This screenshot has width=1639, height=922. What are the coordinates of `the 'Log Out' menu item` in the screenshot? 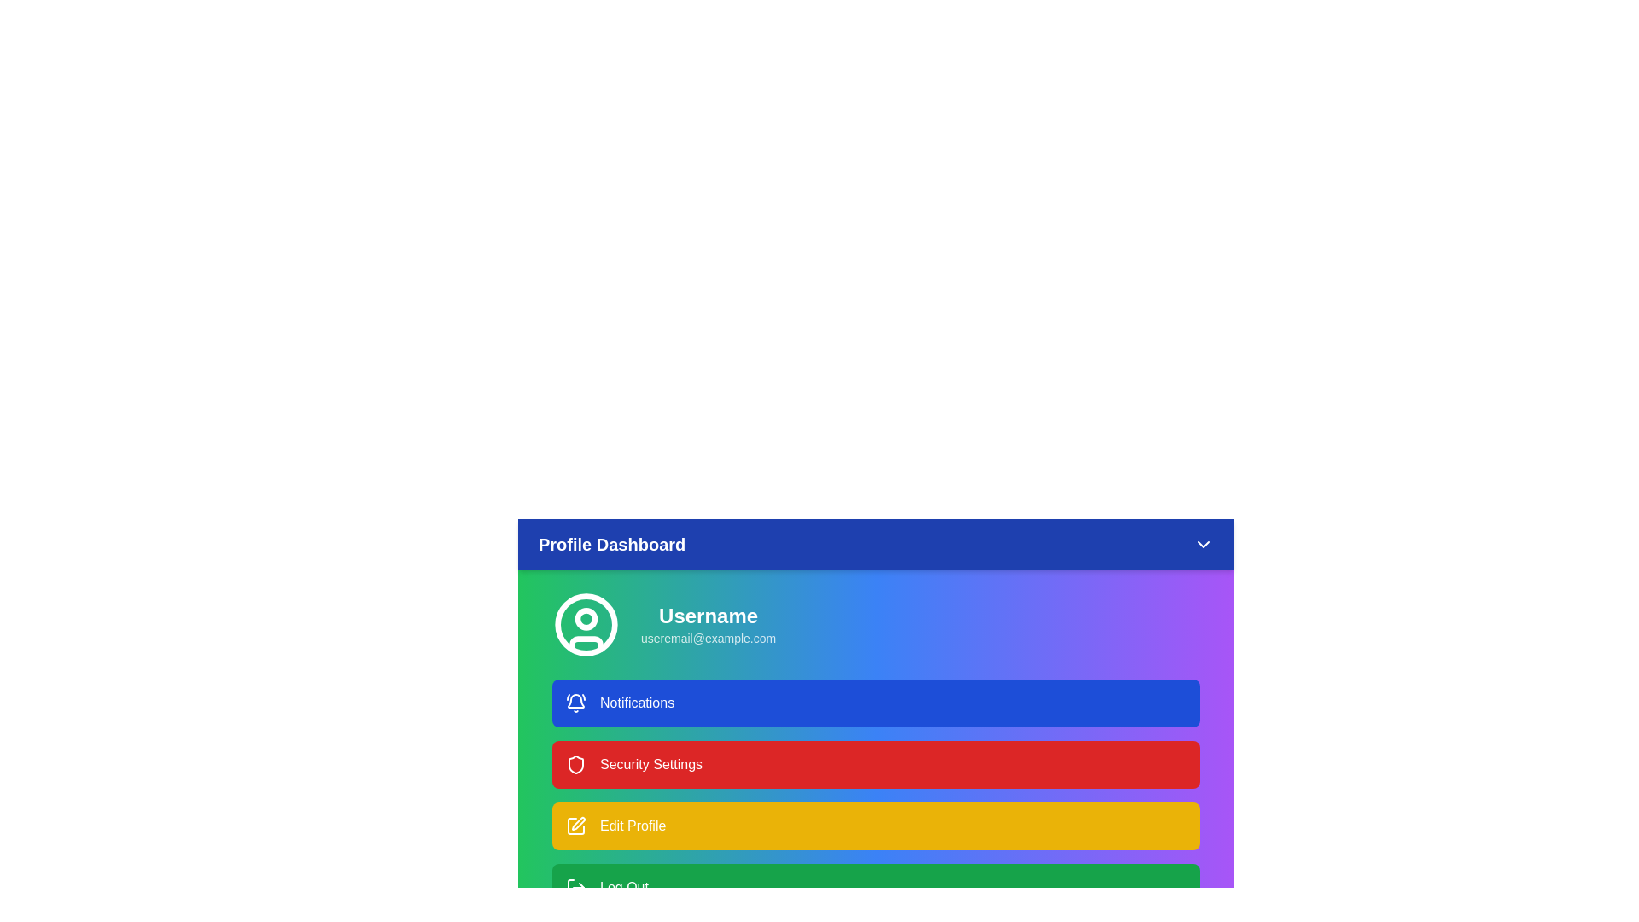 It's located at (876, 887).